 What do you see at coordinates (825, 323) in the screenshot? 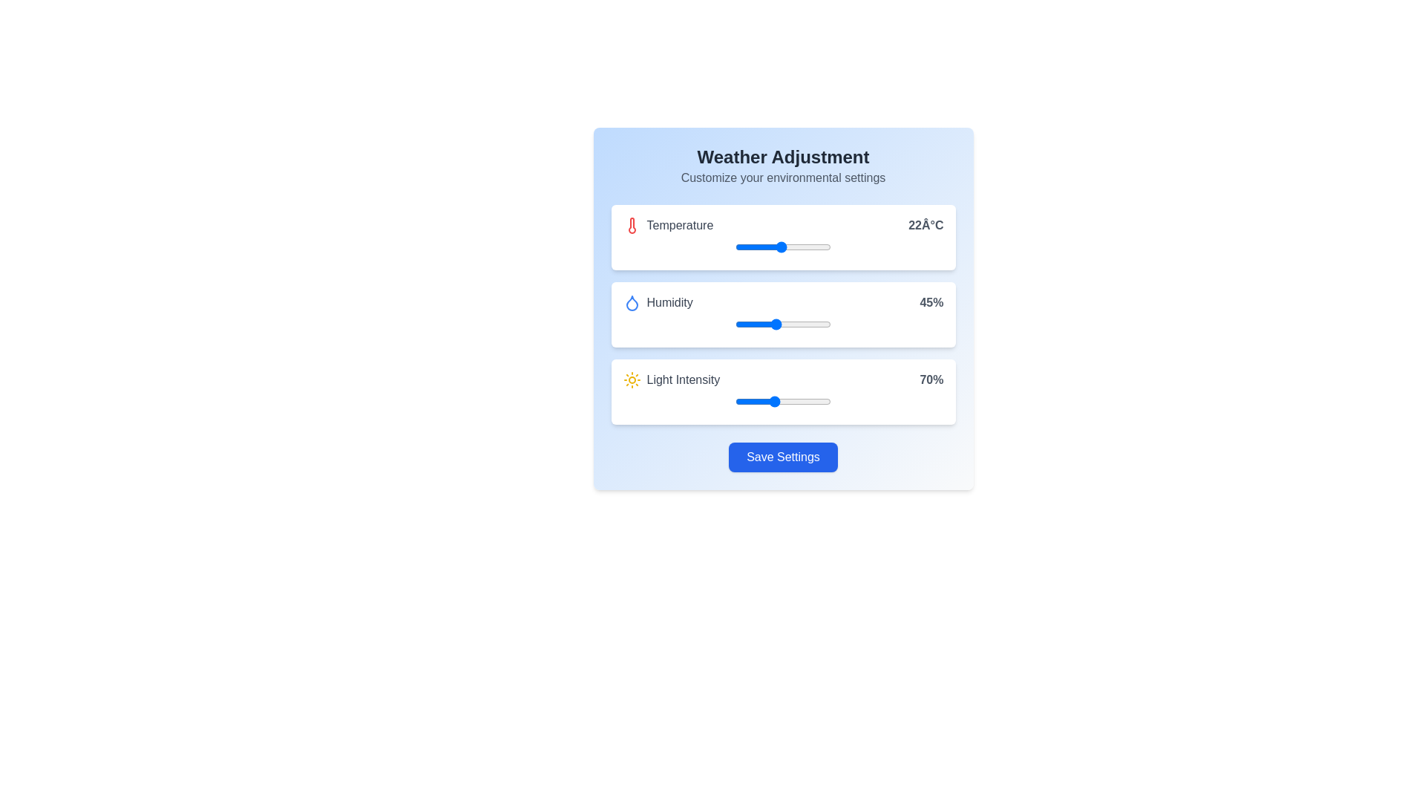
I see `the humidity` at bounding box center [825, 323].